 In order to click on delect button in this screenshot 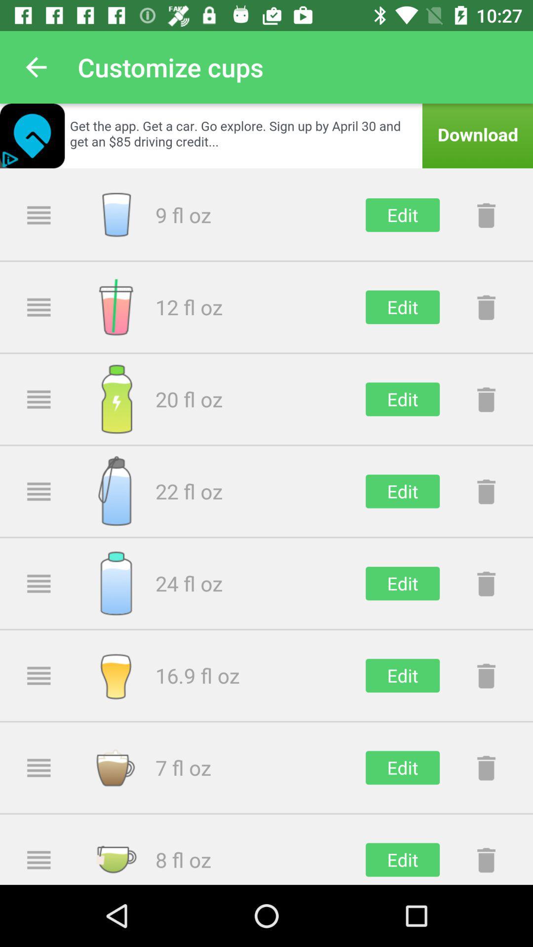, I will do `click(486, 215)`.